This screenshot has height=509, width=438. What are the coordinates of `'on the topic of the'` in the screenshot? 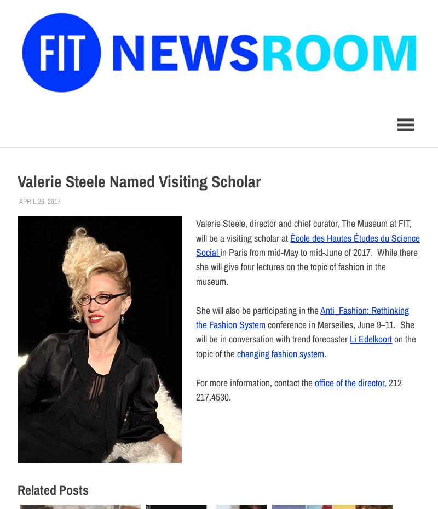 It's located at (306, 345).